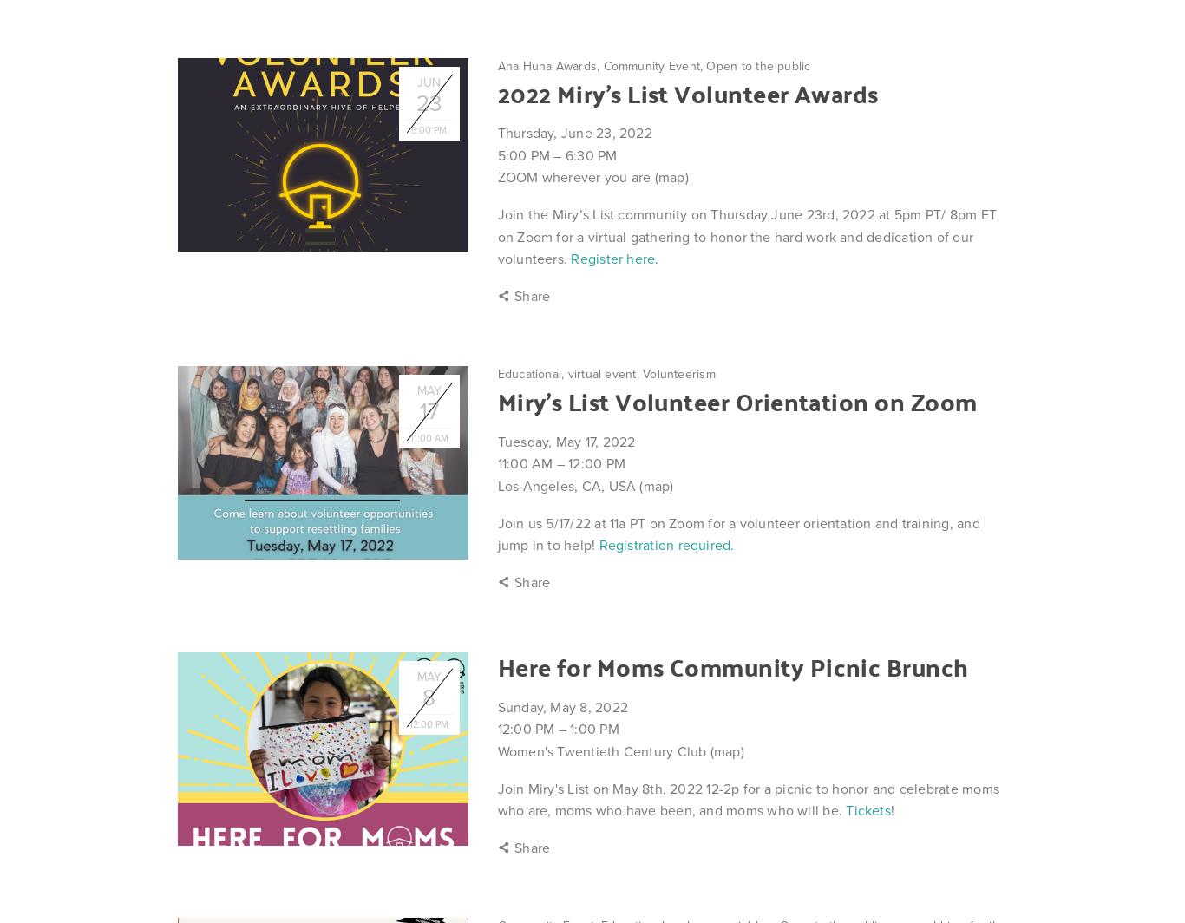 This screenshot has height=923, width=1185. Describe the element at coordinates (651, 65) in the screenshot. I see `'Community Event'` at that location.